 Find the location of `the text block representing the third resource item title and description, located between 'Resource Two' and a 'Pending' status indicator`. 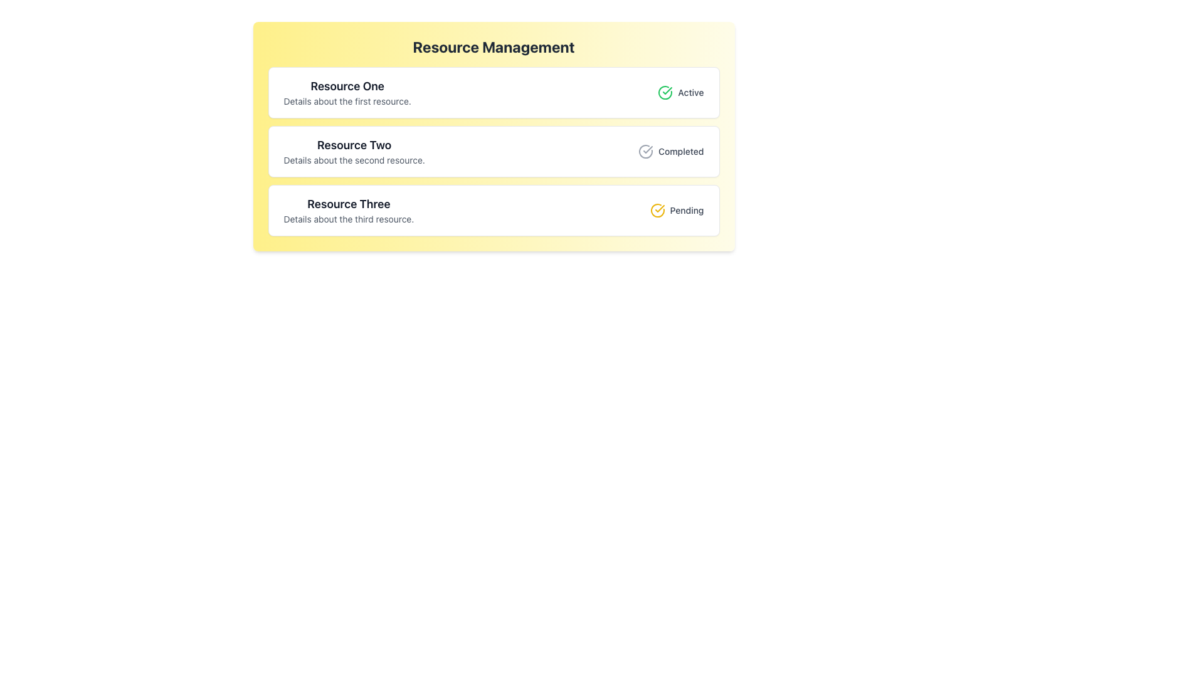

the text block representing the third resource item title and description, located between 'Resource Two' and a 'Pending' status indicator is located at coordinates (349, 209).